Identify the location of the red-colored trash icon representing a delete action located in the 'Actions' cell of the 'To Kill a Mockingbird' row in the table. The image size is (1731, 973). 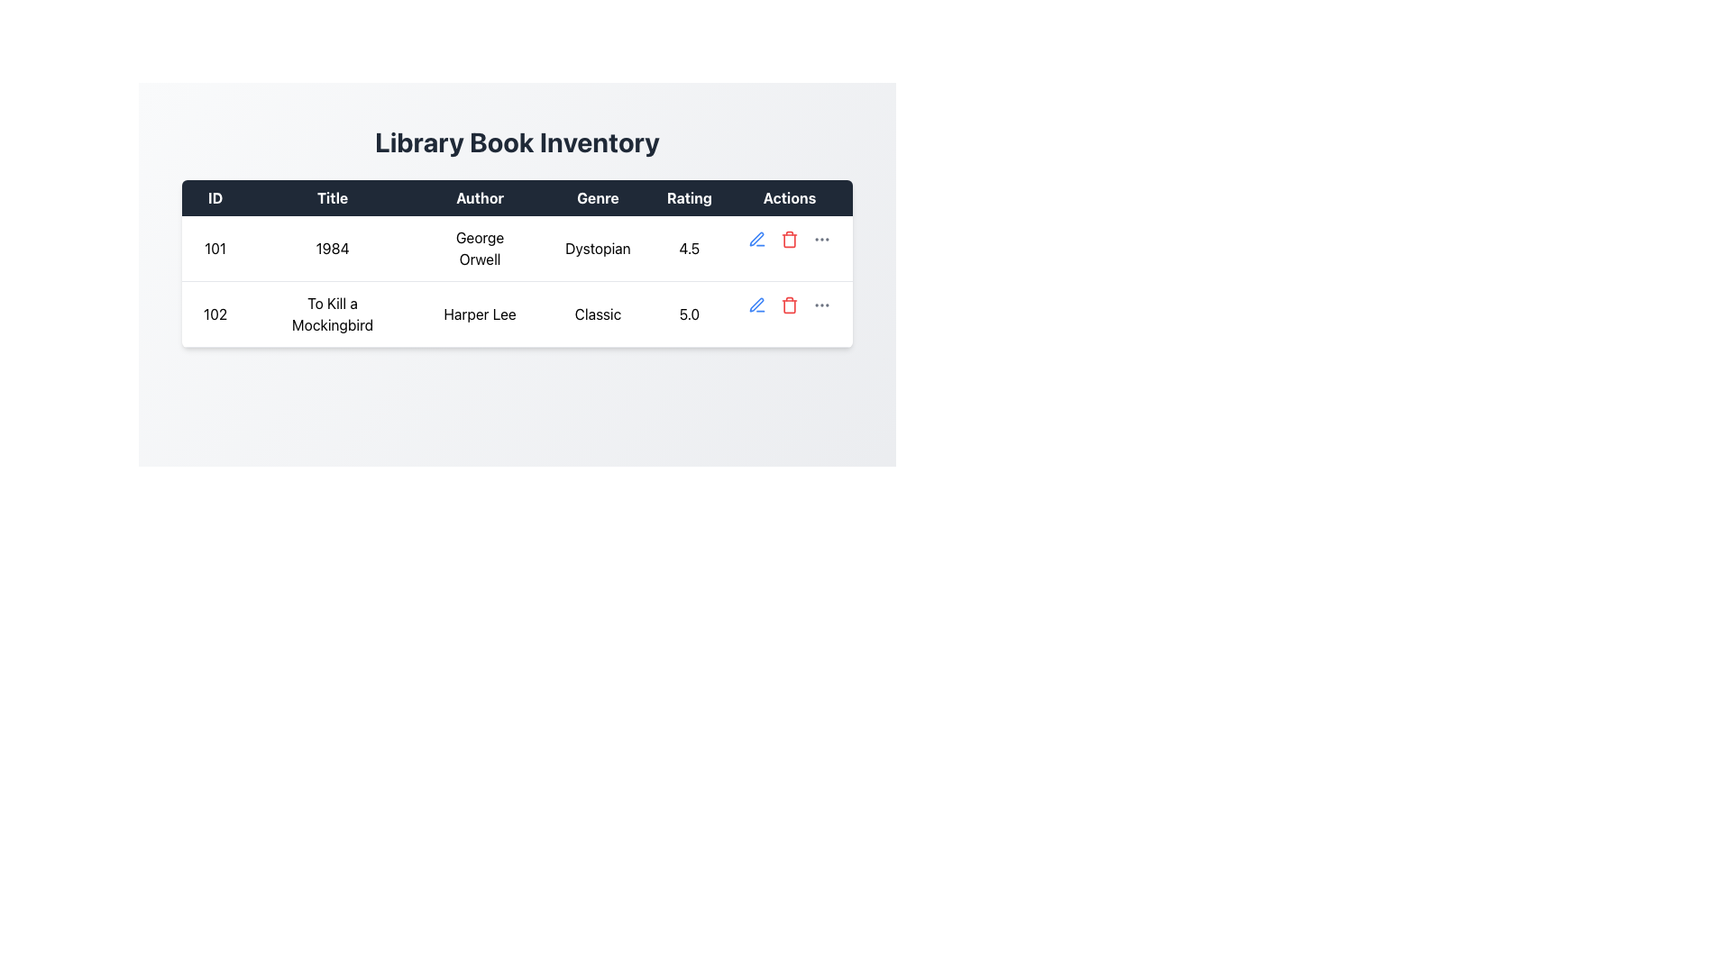
(789, 302).